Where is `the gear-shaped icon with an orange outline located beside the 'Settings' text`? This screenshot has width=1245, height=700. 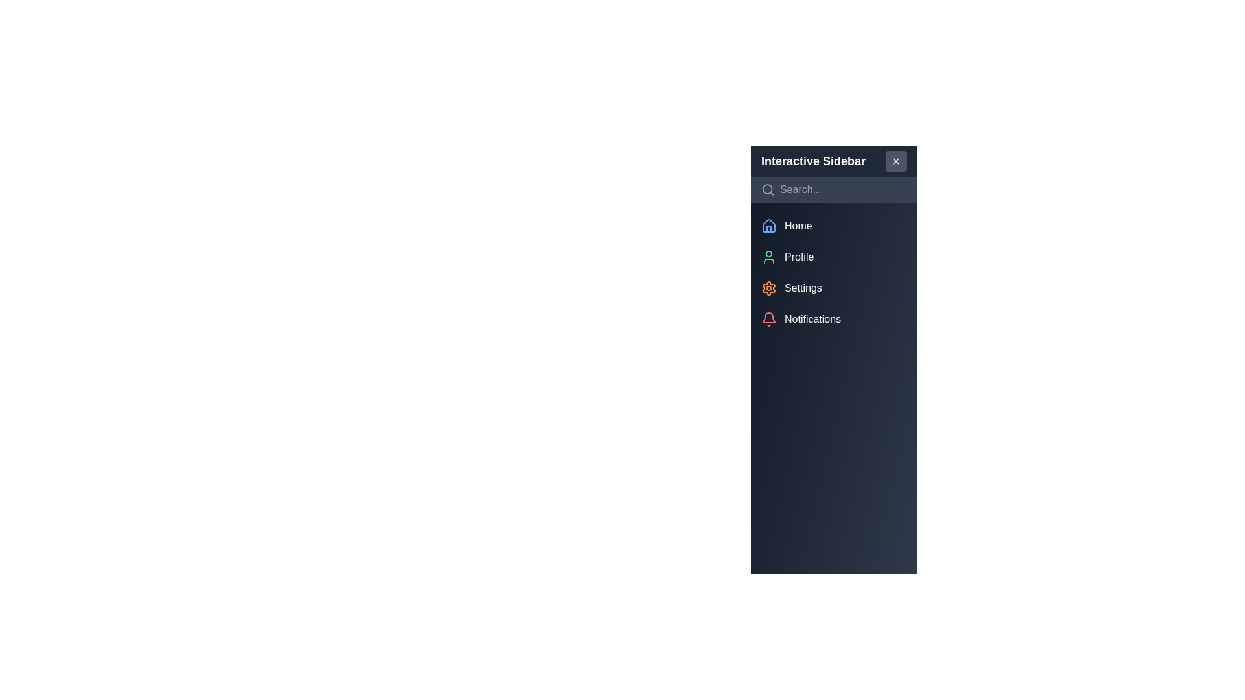 the gear-shaped icon with an orange outline located beside the 'Settings' text is located at coordinates (768, 287).